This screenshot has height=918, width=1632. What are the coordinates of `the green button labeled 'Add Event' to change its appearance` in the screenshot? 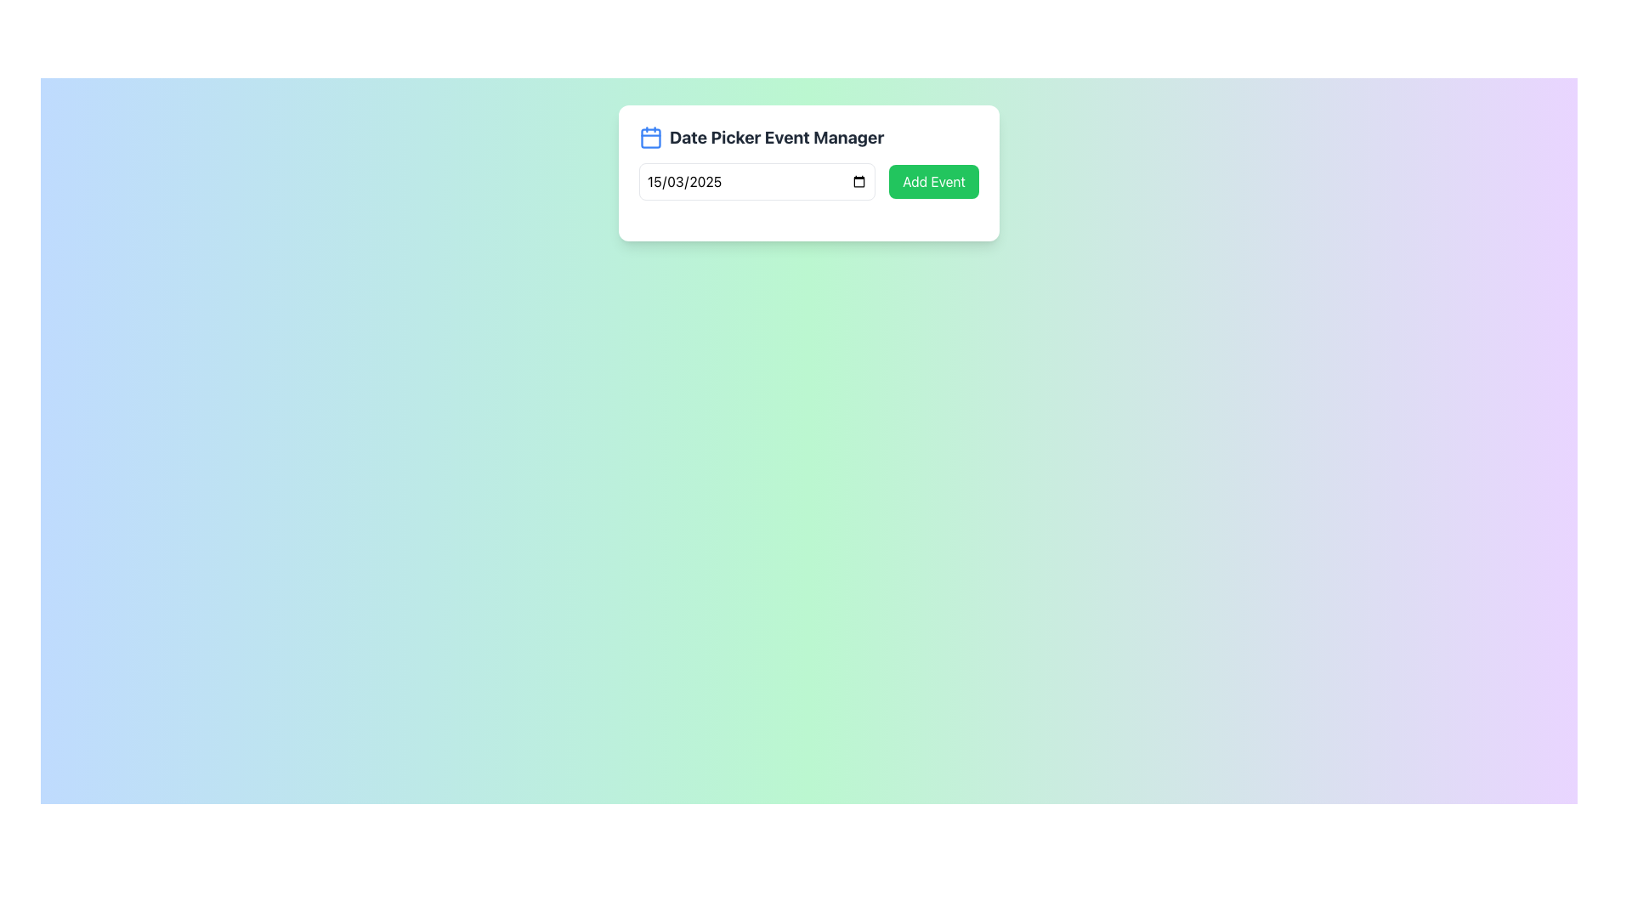 It's located at (933, 181).